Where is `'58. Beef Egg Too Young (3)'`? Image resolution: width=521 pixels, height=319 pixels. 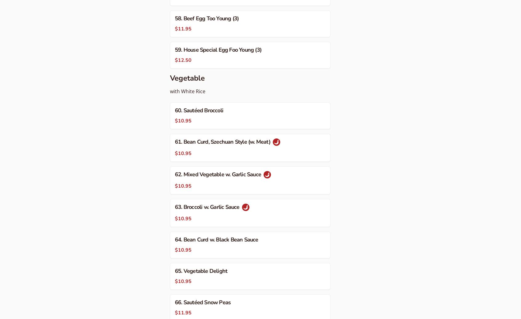 '58. Beef Egg Too Young (3)' is located at coordinates (175, 18).